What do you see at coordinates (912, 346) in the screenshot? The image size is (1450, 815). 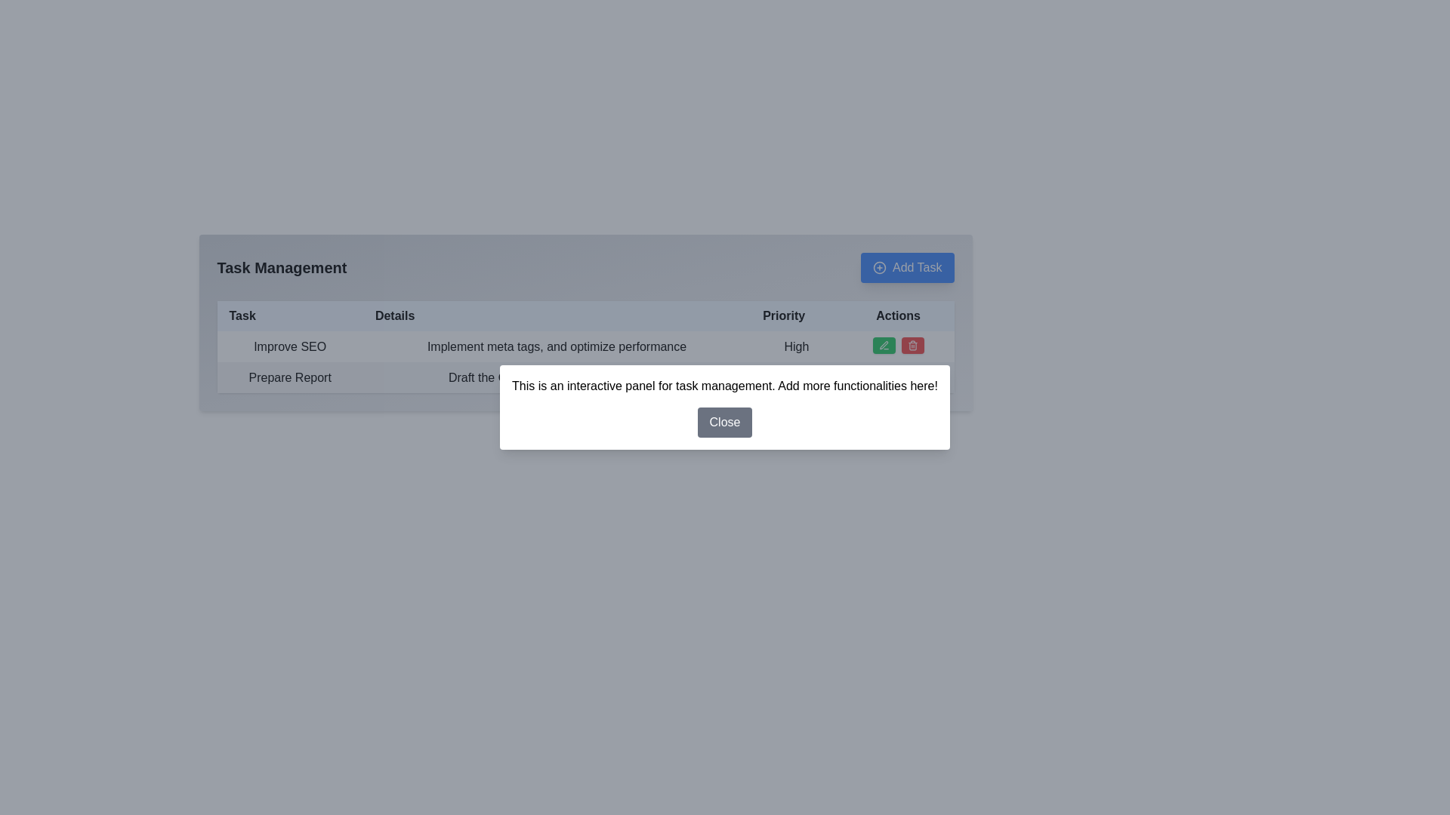 I see `the red delete button with a trashcan icon located in the 'Actions' column of the task management table` at bounding box center [912, 346].